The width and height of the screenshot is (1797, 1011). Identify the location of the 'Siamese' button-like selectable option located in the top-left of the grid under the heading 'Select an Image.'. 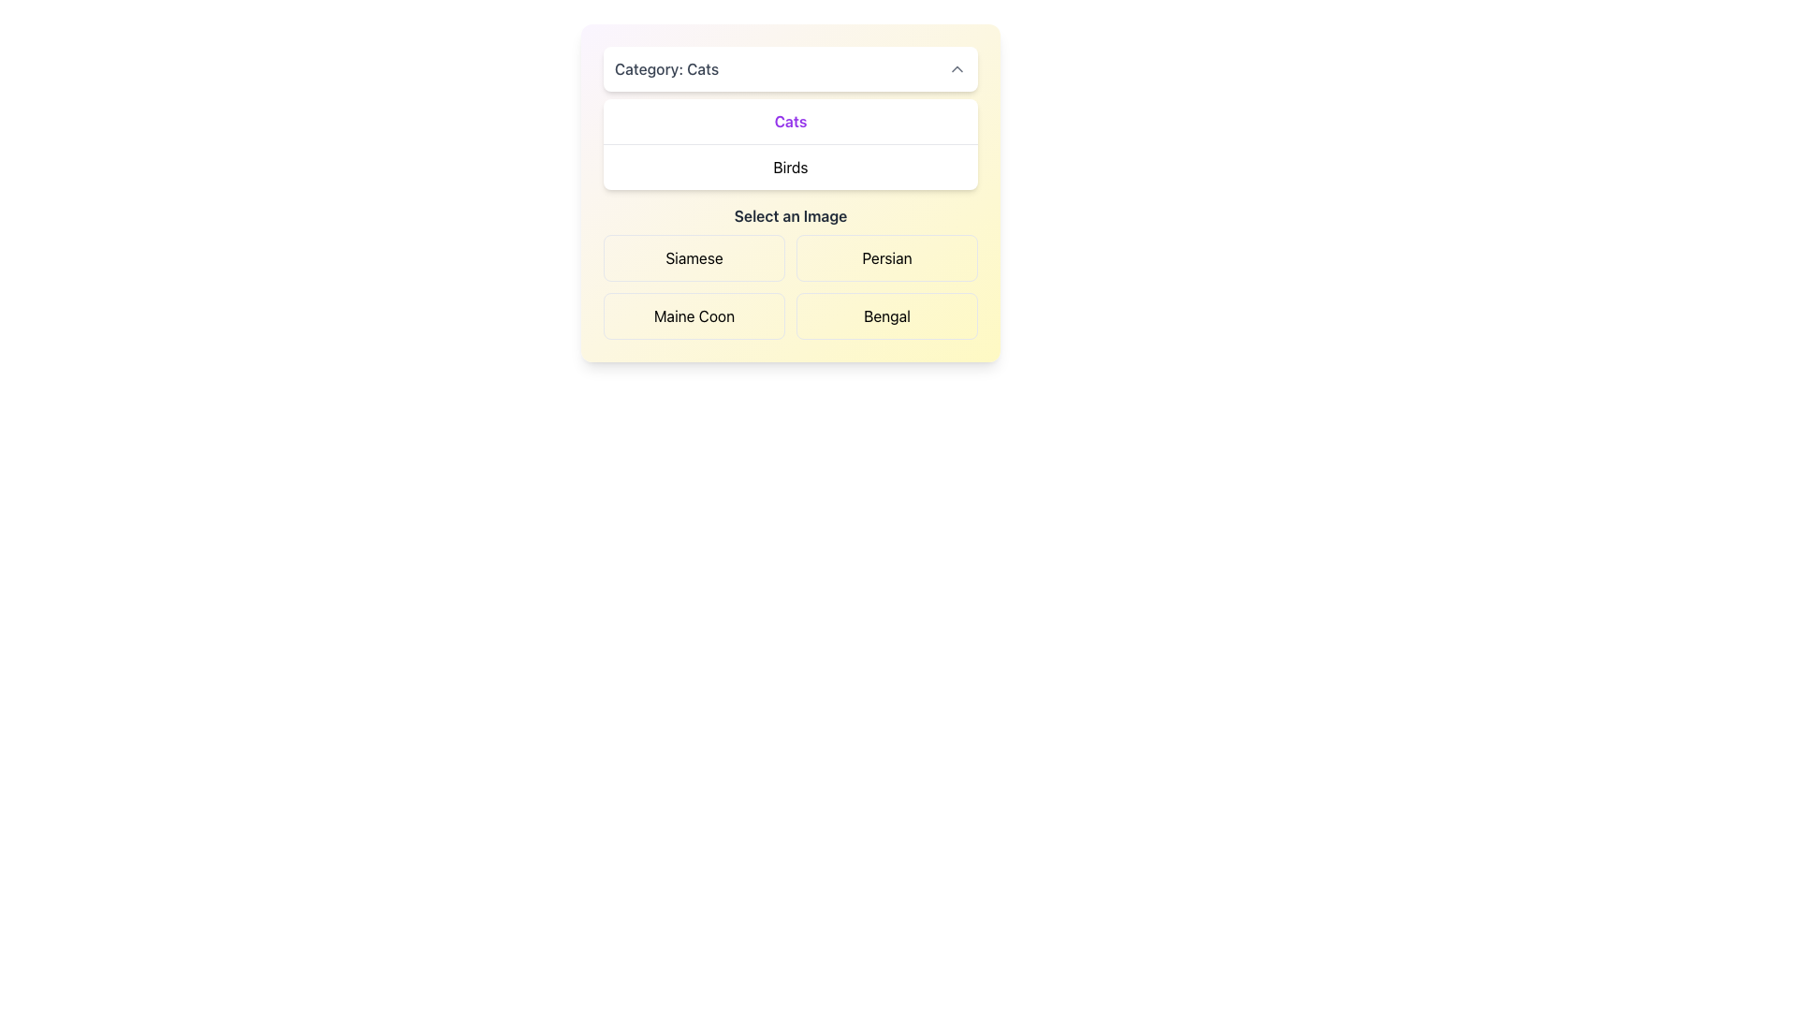
(694, 258).